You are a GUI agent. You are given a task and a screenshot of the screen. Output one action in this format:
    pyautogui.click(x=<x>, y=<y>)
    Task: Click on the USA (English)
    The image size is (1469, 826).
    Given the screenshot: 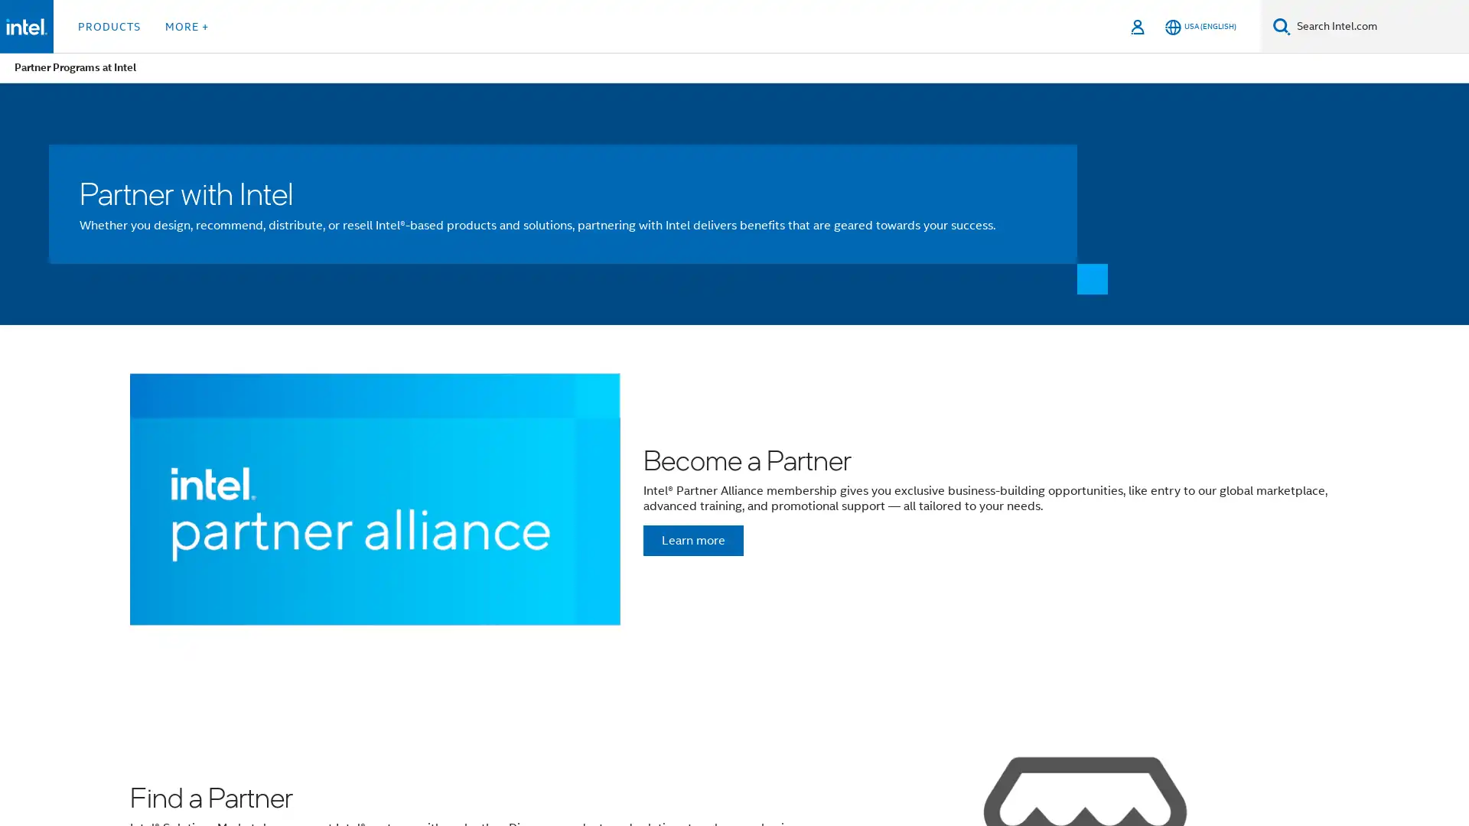 What is the action you would take?
    pyautogui.click(x=1200, y=26)
    